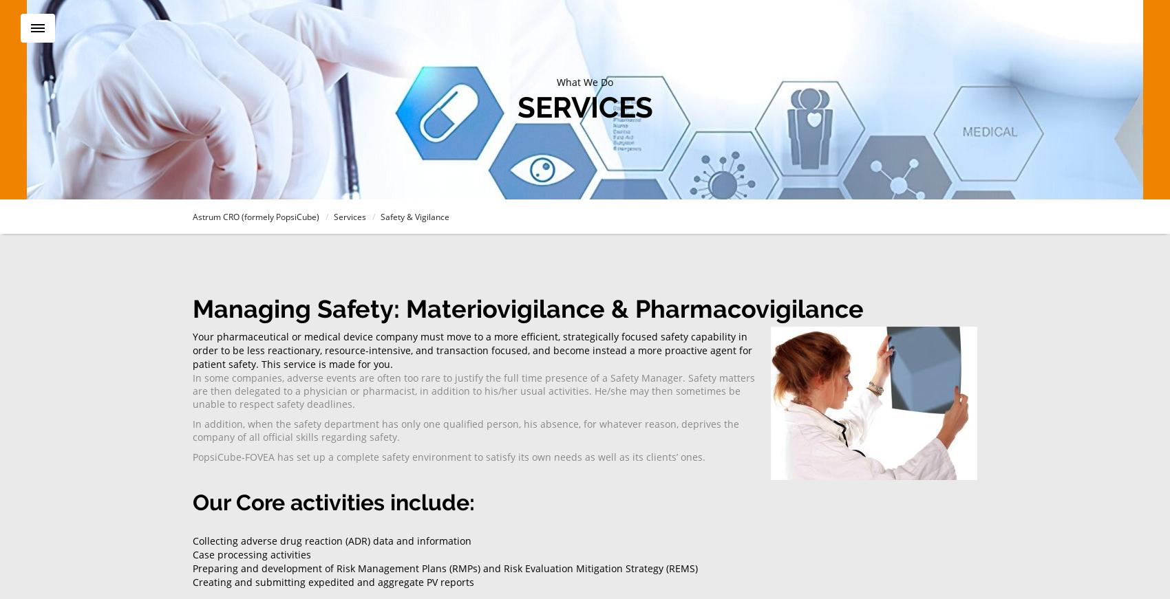 The width and height of the screenshot is (1170, 599). Describe the element at coordinates (255, 216) in the screenshot. I see `'Astrum CRO (formely PopsiCube)'` at that location.